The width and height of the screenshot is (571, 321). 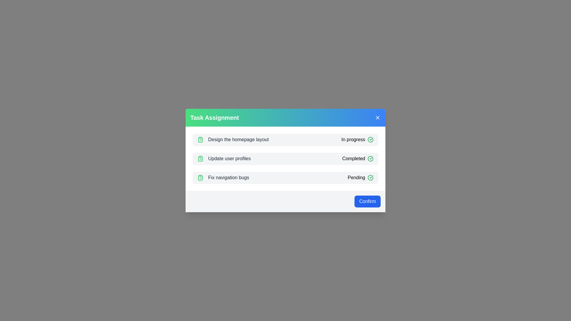 I want to click on the Text label that indicates the pending status of a task, so click(x=356, y=177).